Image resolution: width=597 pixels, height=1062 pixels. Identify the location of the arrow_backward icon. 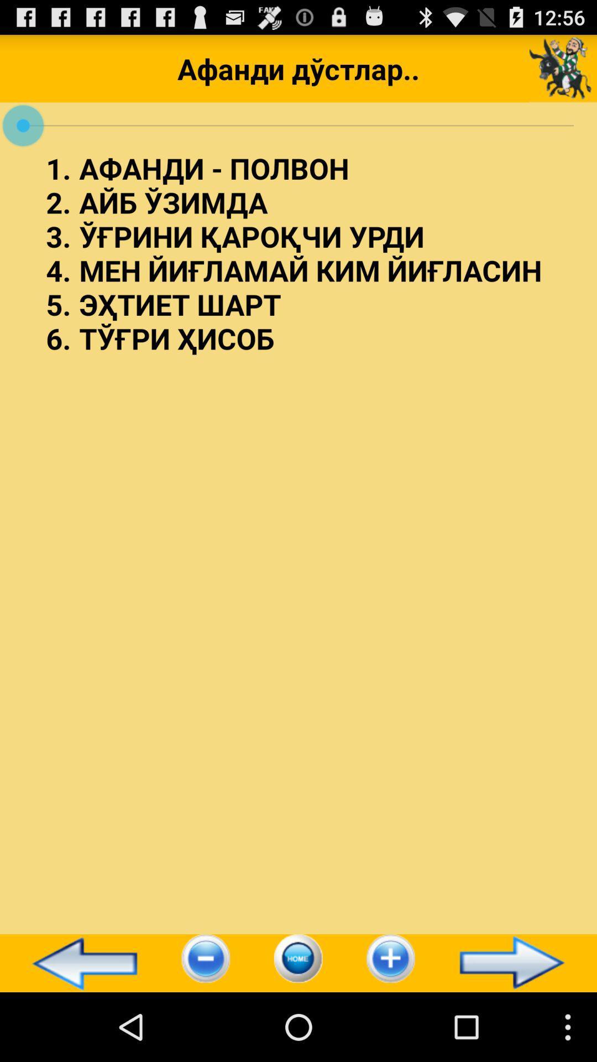
(79, 1030).